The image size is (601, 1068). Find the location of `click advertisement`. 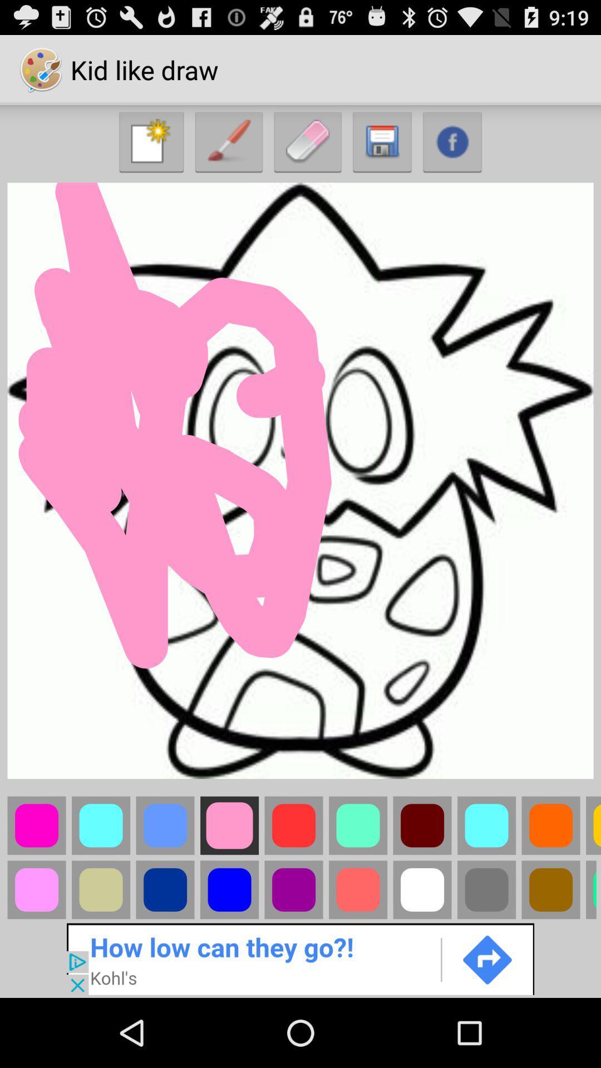

click advertisement is located at coordinates (300, 958).